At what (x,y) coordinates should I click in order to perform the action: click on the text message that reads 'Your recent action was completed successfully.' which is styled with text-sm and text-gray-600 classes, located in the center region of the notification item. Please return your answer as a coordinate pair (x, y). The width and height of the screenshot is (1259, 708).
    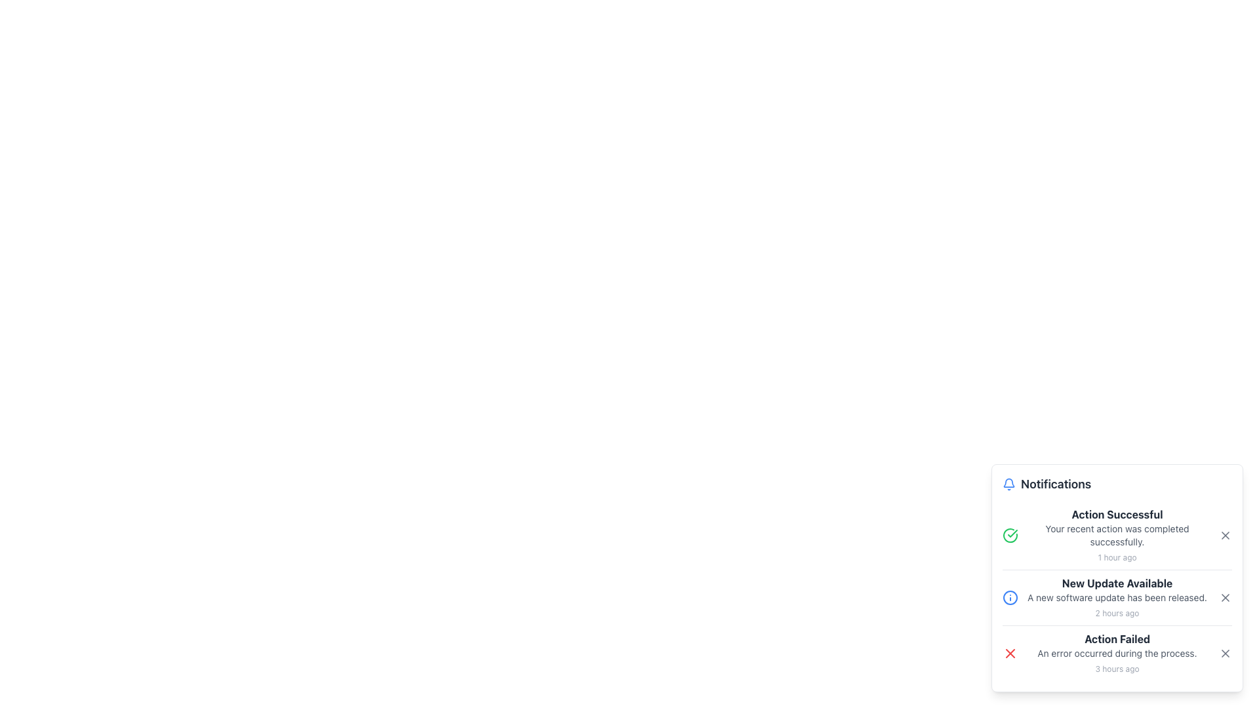
    Looking at the image, I should click on (1117, 536).